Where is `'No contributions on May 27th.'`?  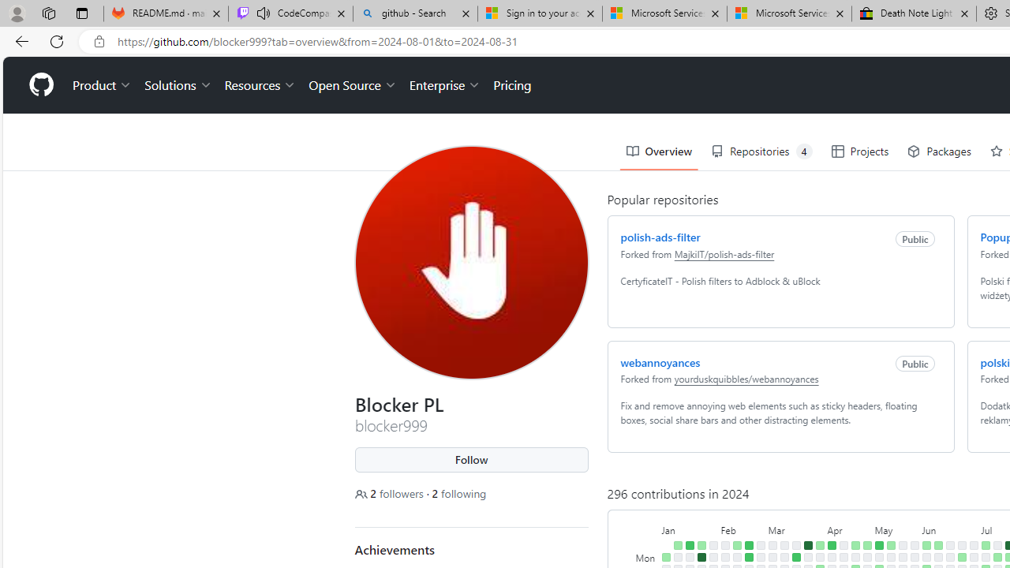
'No contributions on May 27th.' is located at coordinates (915, 556).